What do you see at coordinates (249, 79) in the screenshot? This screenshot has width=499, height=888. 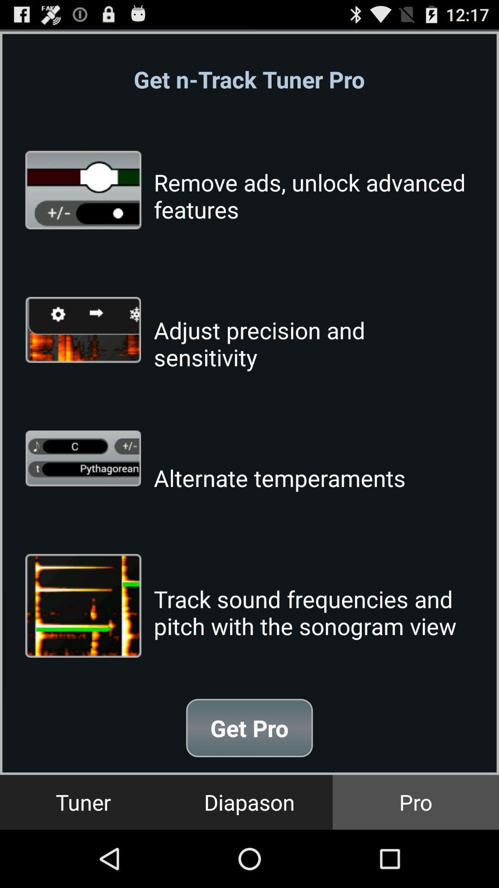 I see `get n track button` at bounding box center [249, 79].